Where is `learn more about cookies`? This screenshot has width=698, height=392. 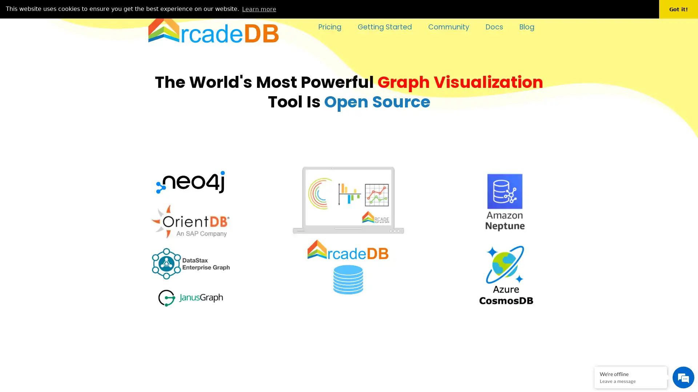
learn more about cookies is located at coordinates (259, 9).